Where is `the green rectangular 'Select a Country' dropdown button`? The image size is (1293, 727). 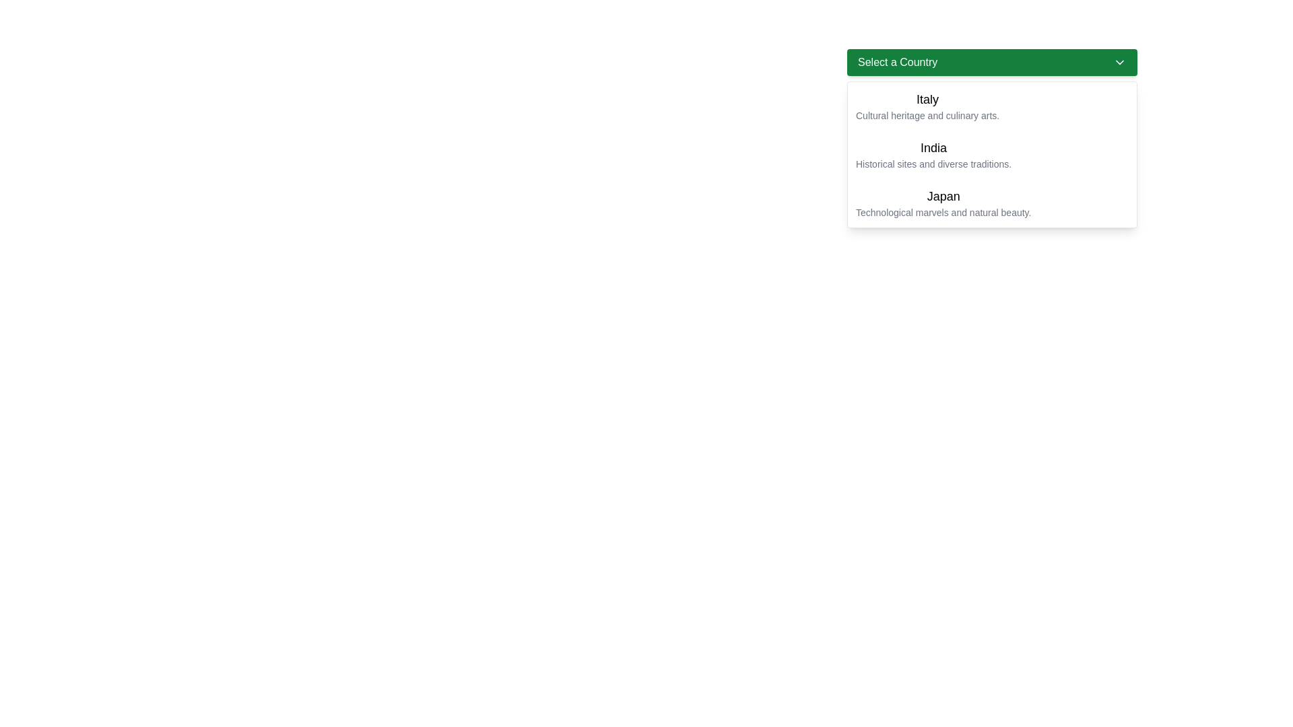
the green rectangular 'Select a Country' dropdown button is located at coordinates (992, 62).